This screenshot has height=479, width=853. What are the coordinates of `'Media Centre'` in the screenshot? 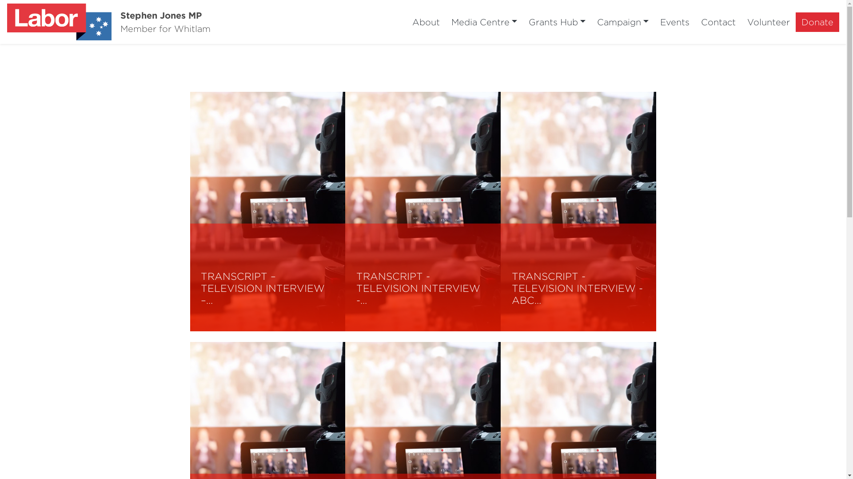 It's located at (483, 22).